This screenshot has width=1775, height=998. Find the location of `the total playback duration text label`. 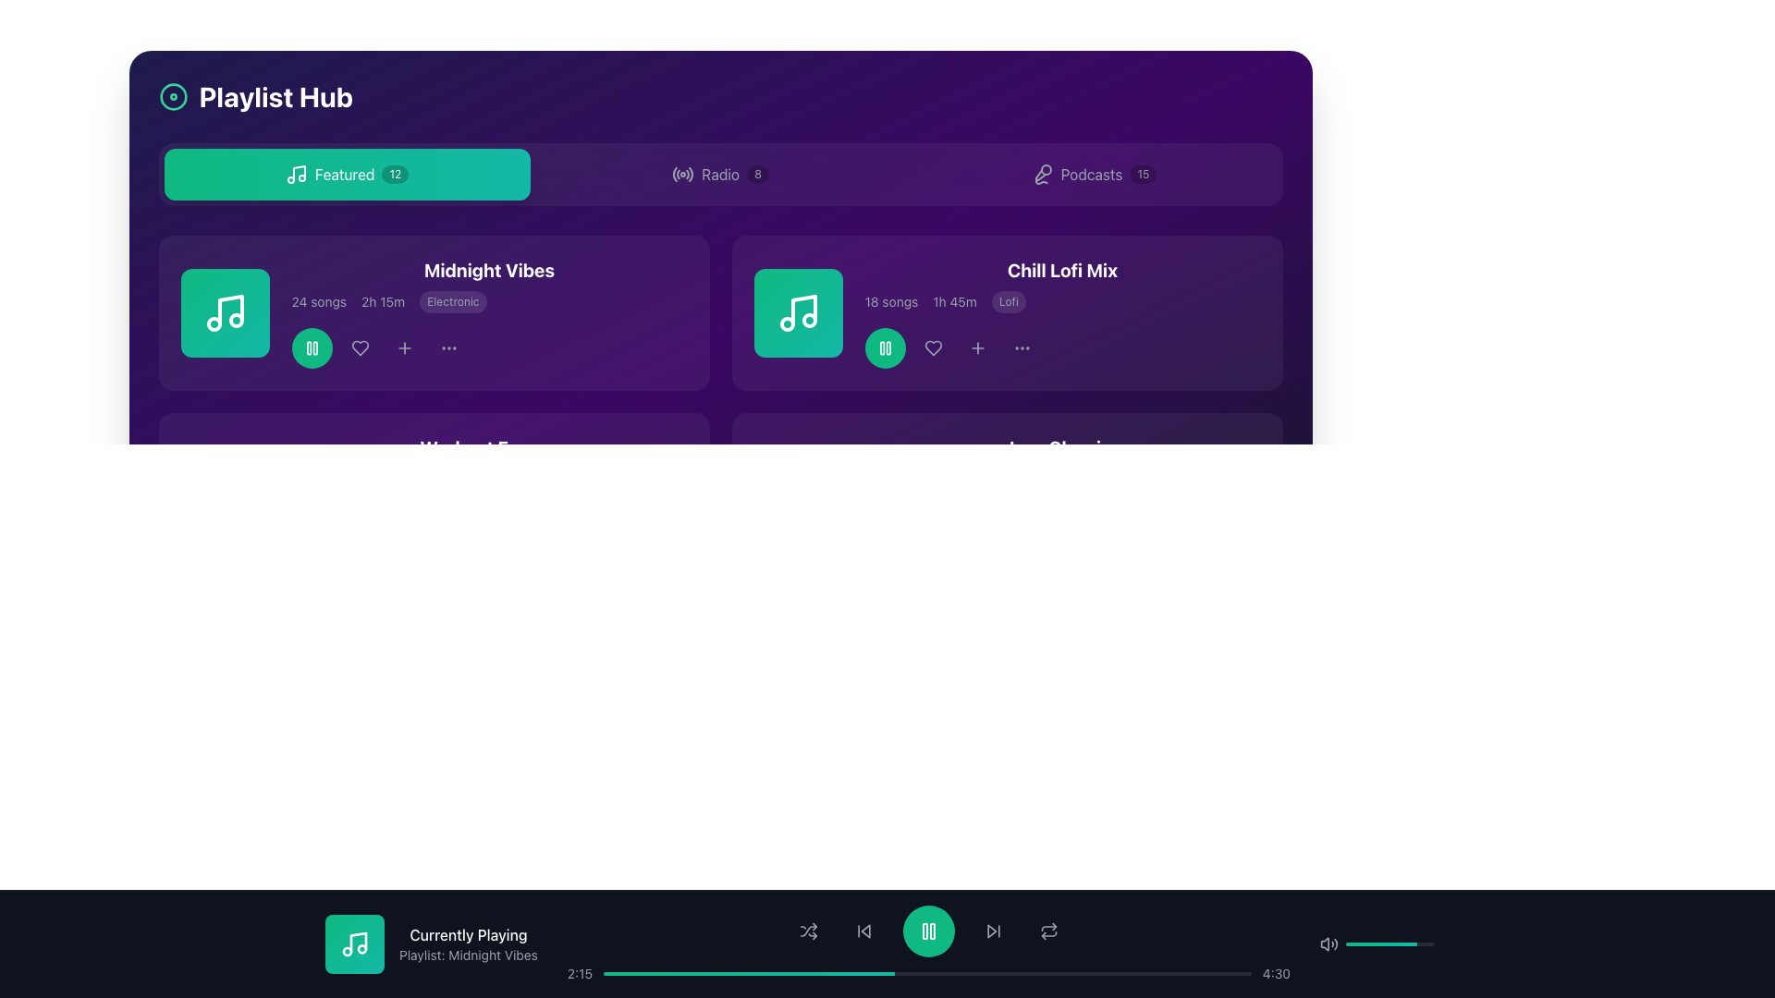

the total playback duration text label is located at coordinates (383, 479).